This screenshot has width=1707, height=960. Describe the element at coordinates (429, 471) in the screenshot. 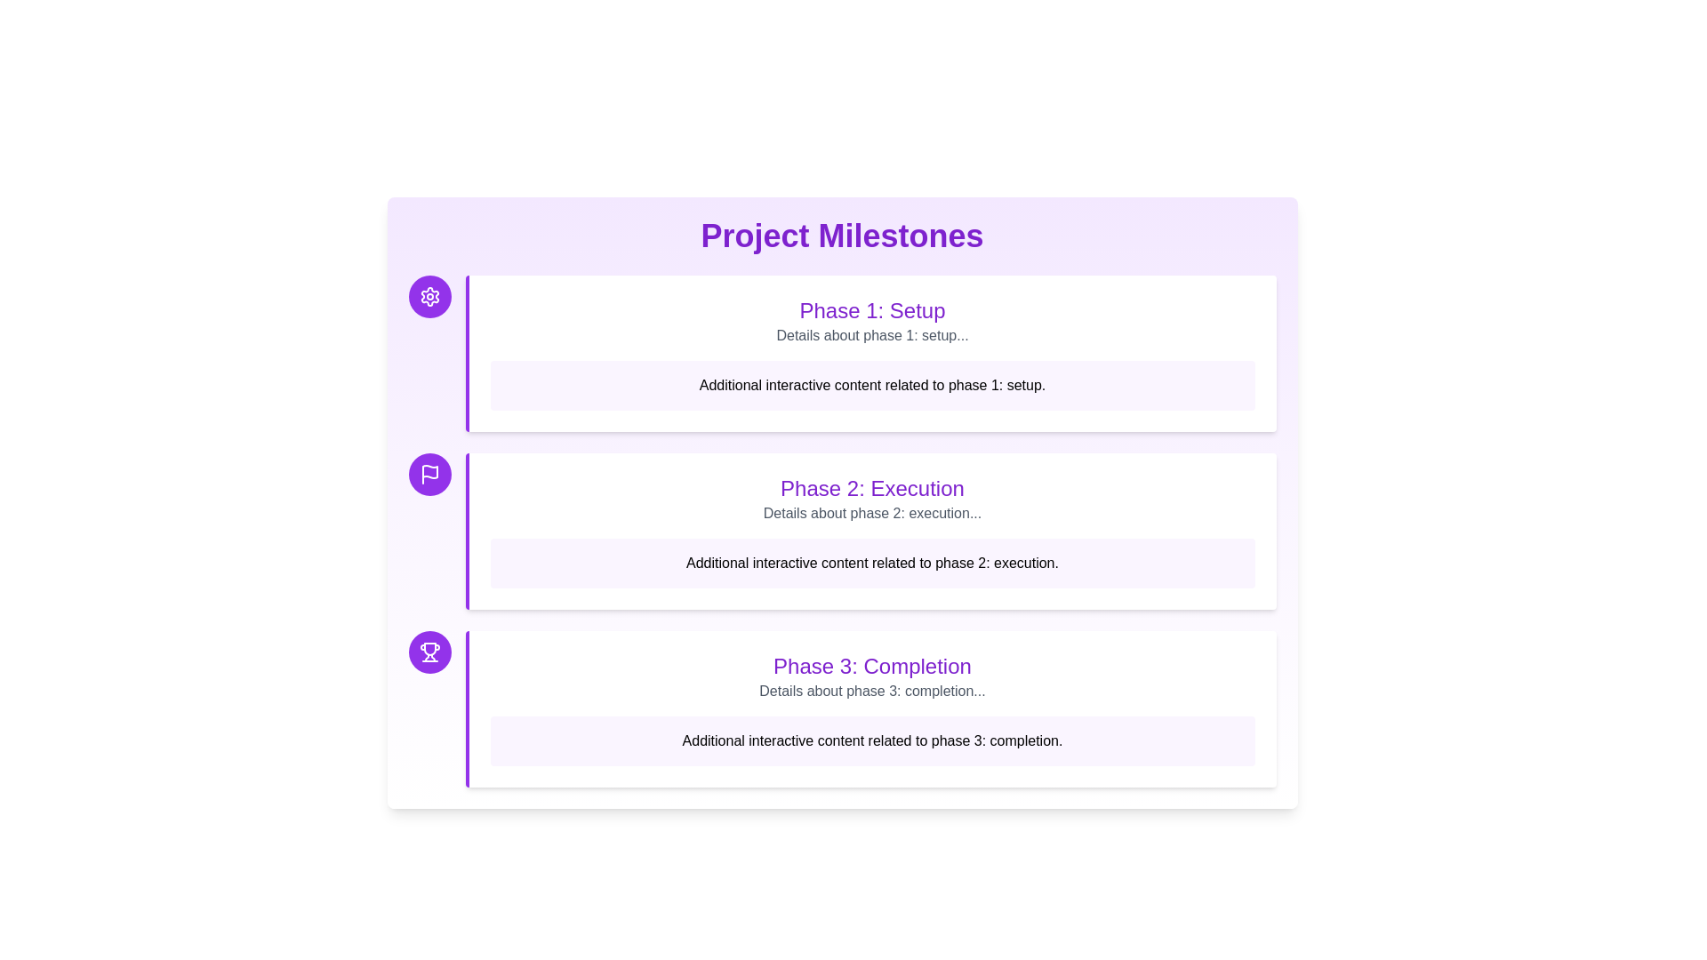

I see `the purple flag icon located next to the 'Phase 2: Execution' milestone in the timeline interface` at that location.